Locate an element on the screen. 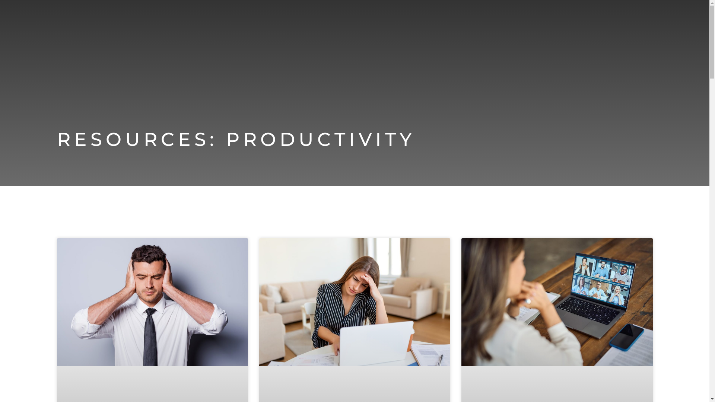  'Skip to content' is located at coordinates (5, 16).